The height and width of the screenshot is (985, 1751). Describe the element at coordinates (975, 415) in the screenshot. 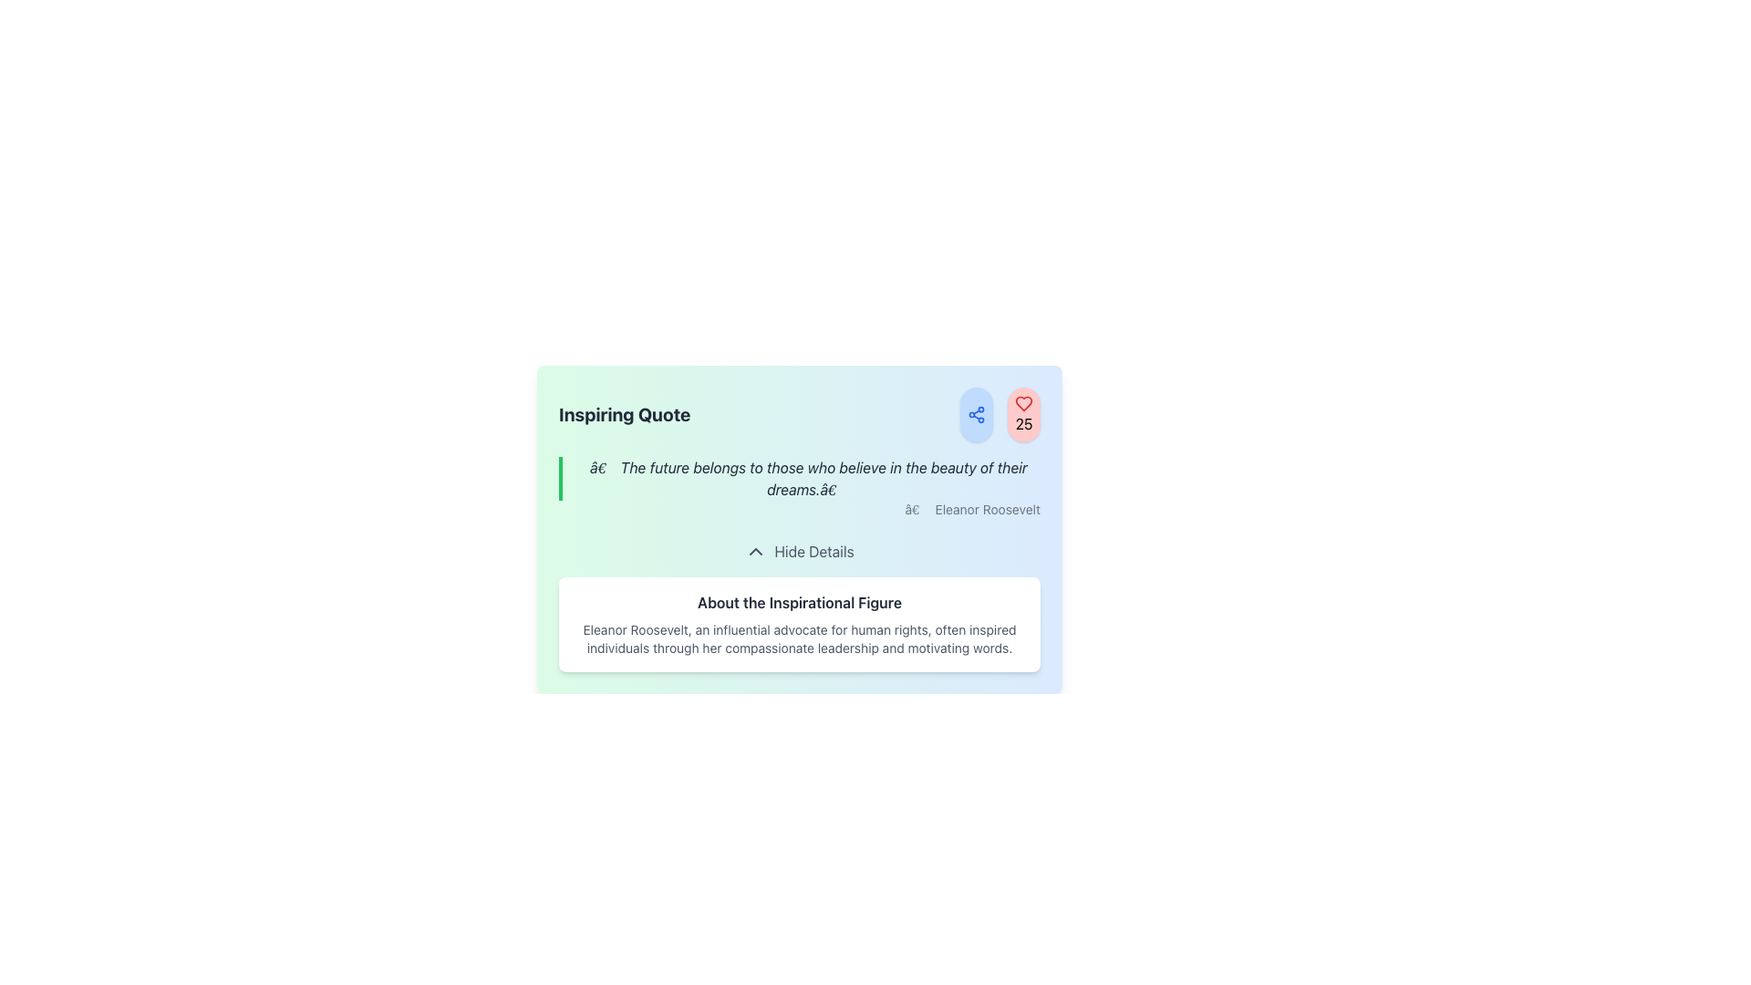

I see `the blue icon button resembling a network or share symbol located at the top right corner of the card layout` at that location.